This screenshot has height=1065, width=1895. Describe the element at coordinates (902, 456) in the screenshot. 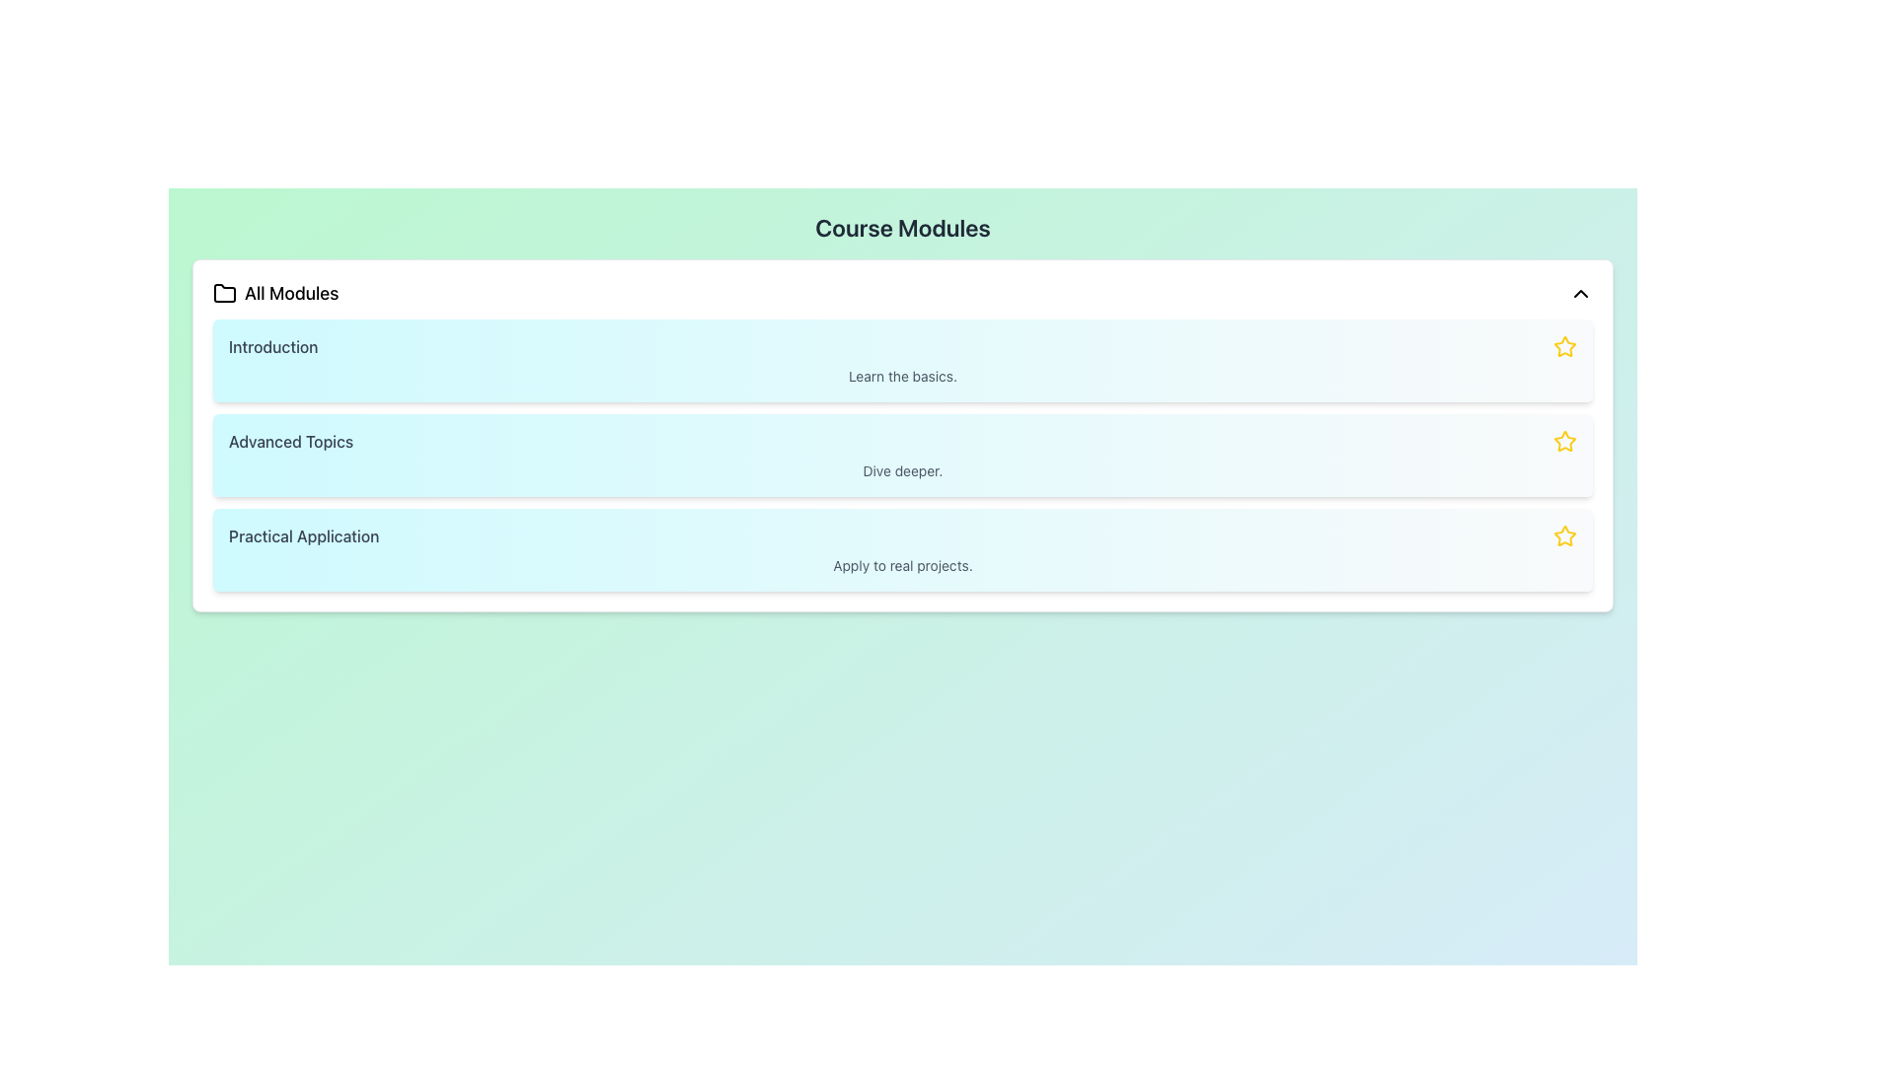

I see `the Interactive Card titled 'Advanced Topics' in the Course Modules section` at that location.